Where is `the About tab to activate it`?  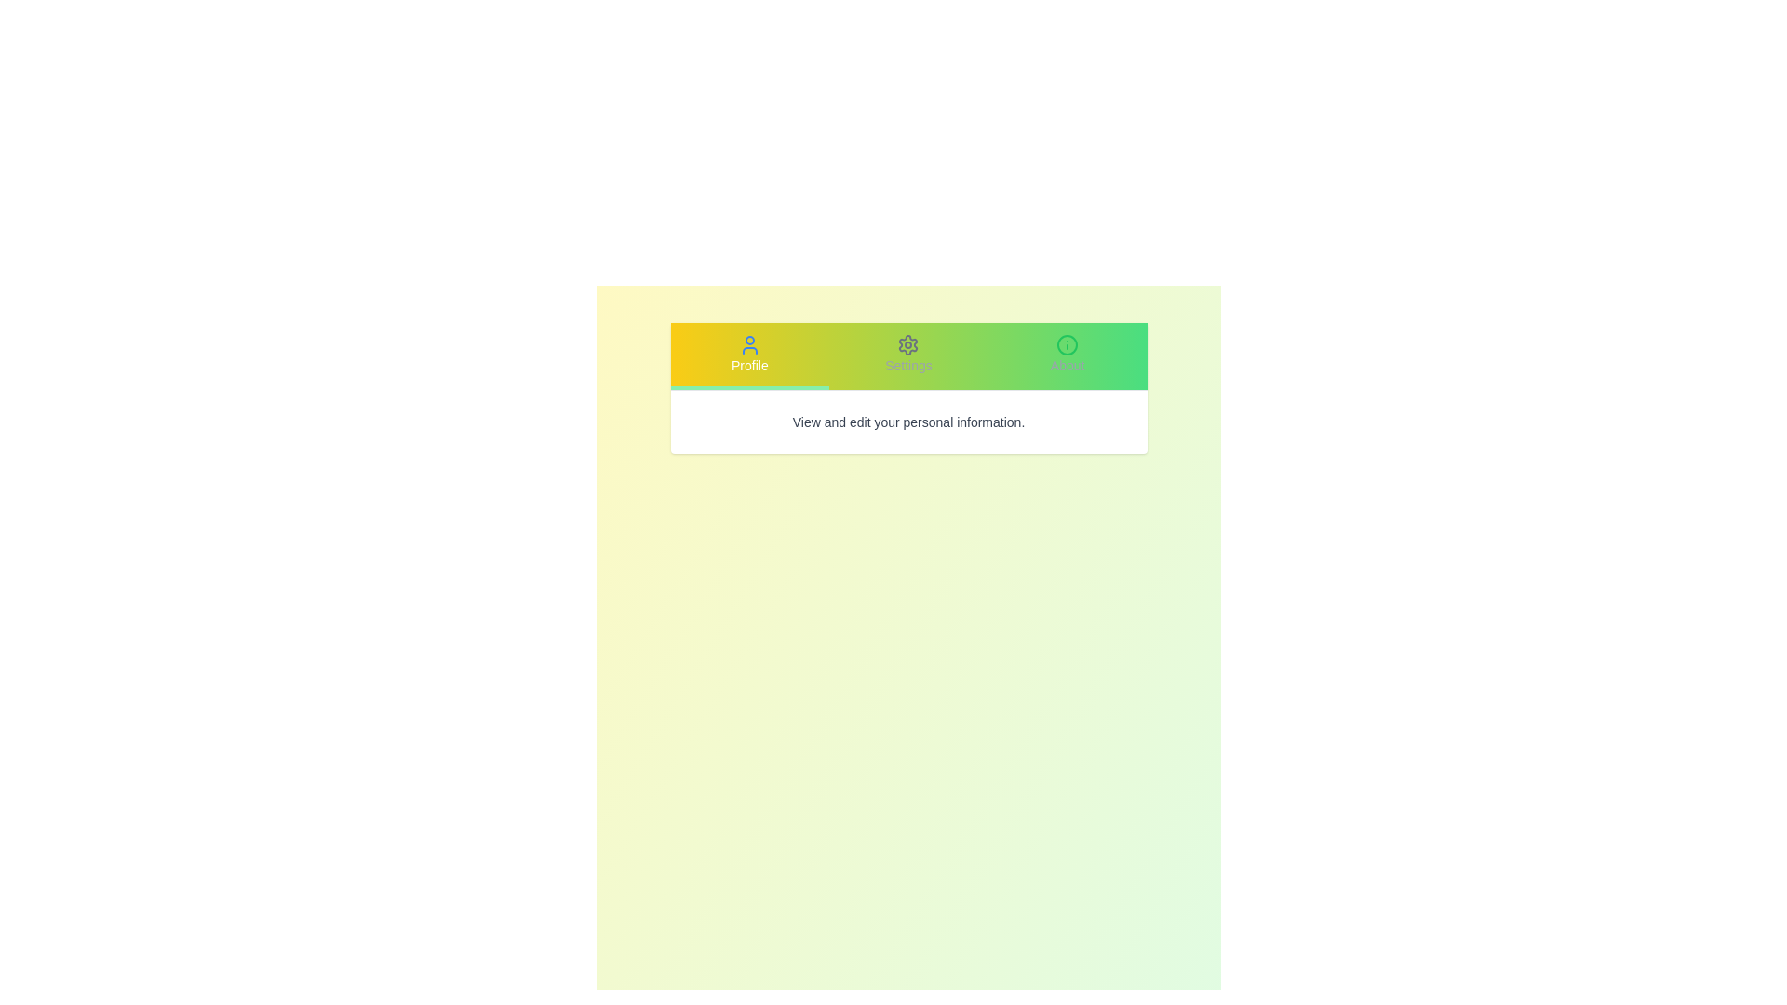
the About tab to activate it is located at coordinates (1068, 355).